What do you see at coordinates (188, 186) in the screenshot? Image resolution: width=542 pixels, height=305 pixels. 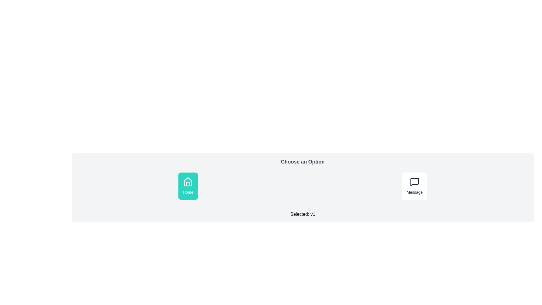 I see `the teal rectangular button labeled 'Home' with a house icon` at bounding box center [188, 186].